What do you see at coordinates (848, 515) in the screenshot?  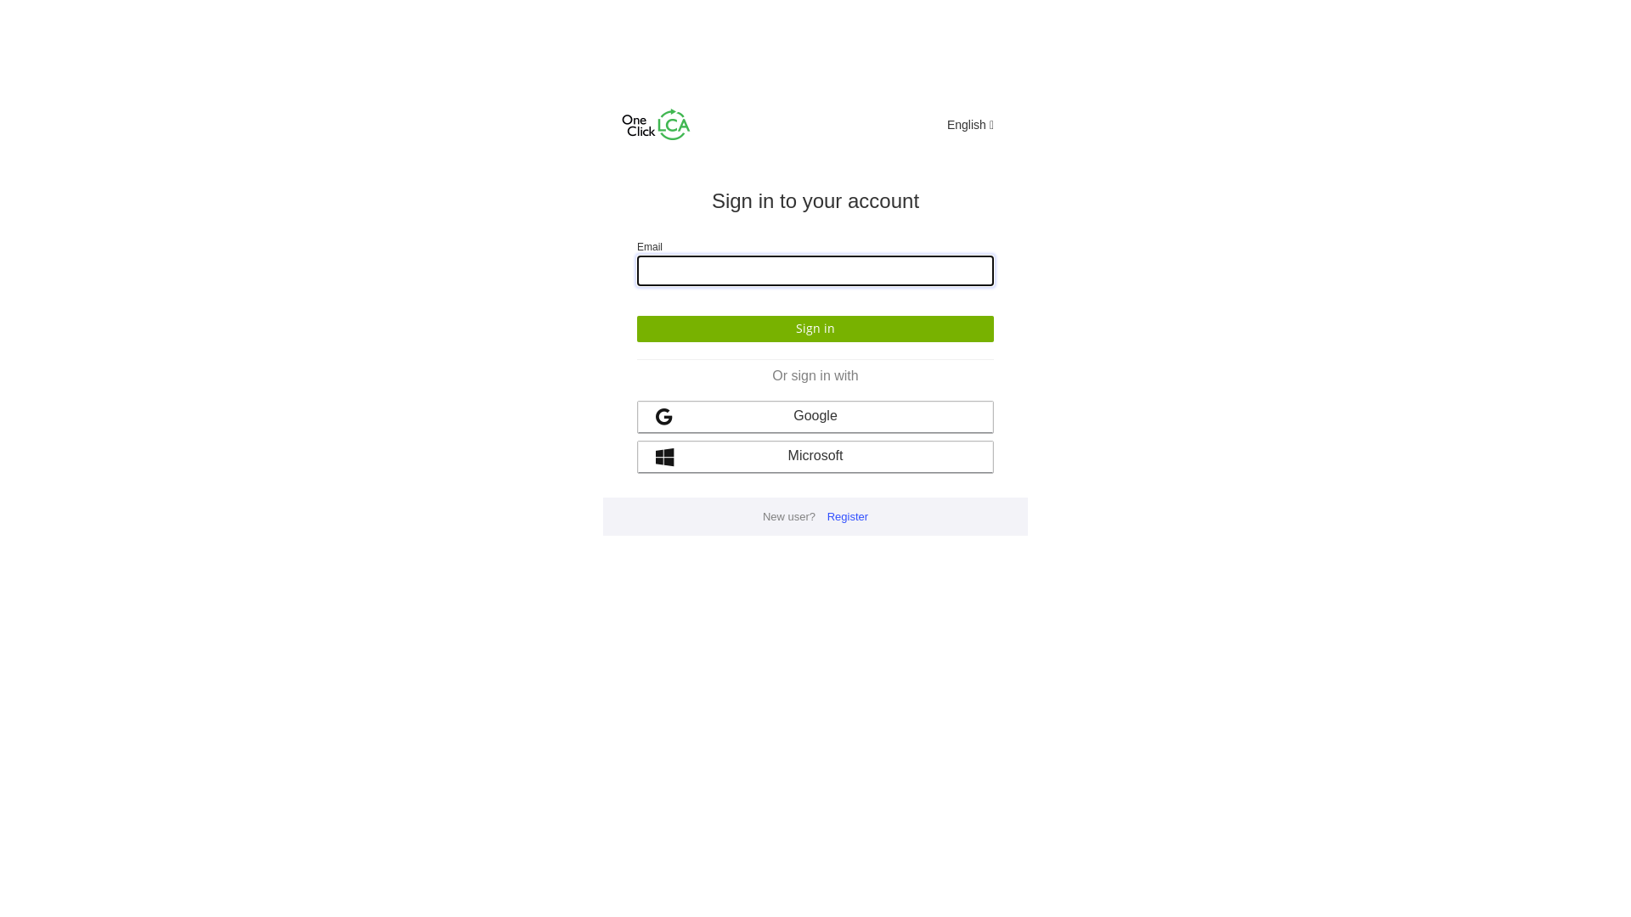 I see `'Register'` at bounding box center [848, 515].